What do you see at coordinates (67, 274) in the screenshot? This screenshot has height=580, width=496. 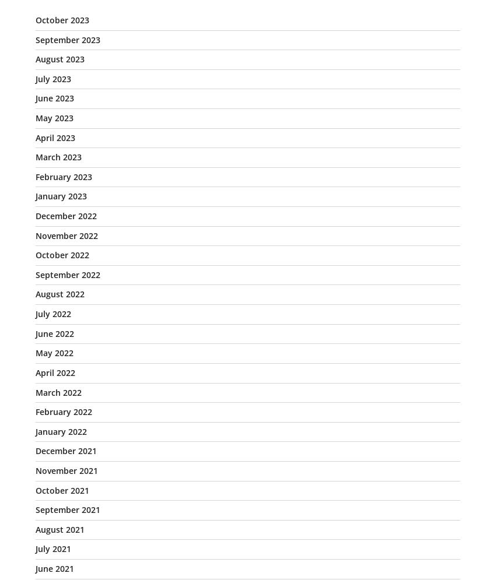 I see `'September 2022'` at bounding box center [67, 274].